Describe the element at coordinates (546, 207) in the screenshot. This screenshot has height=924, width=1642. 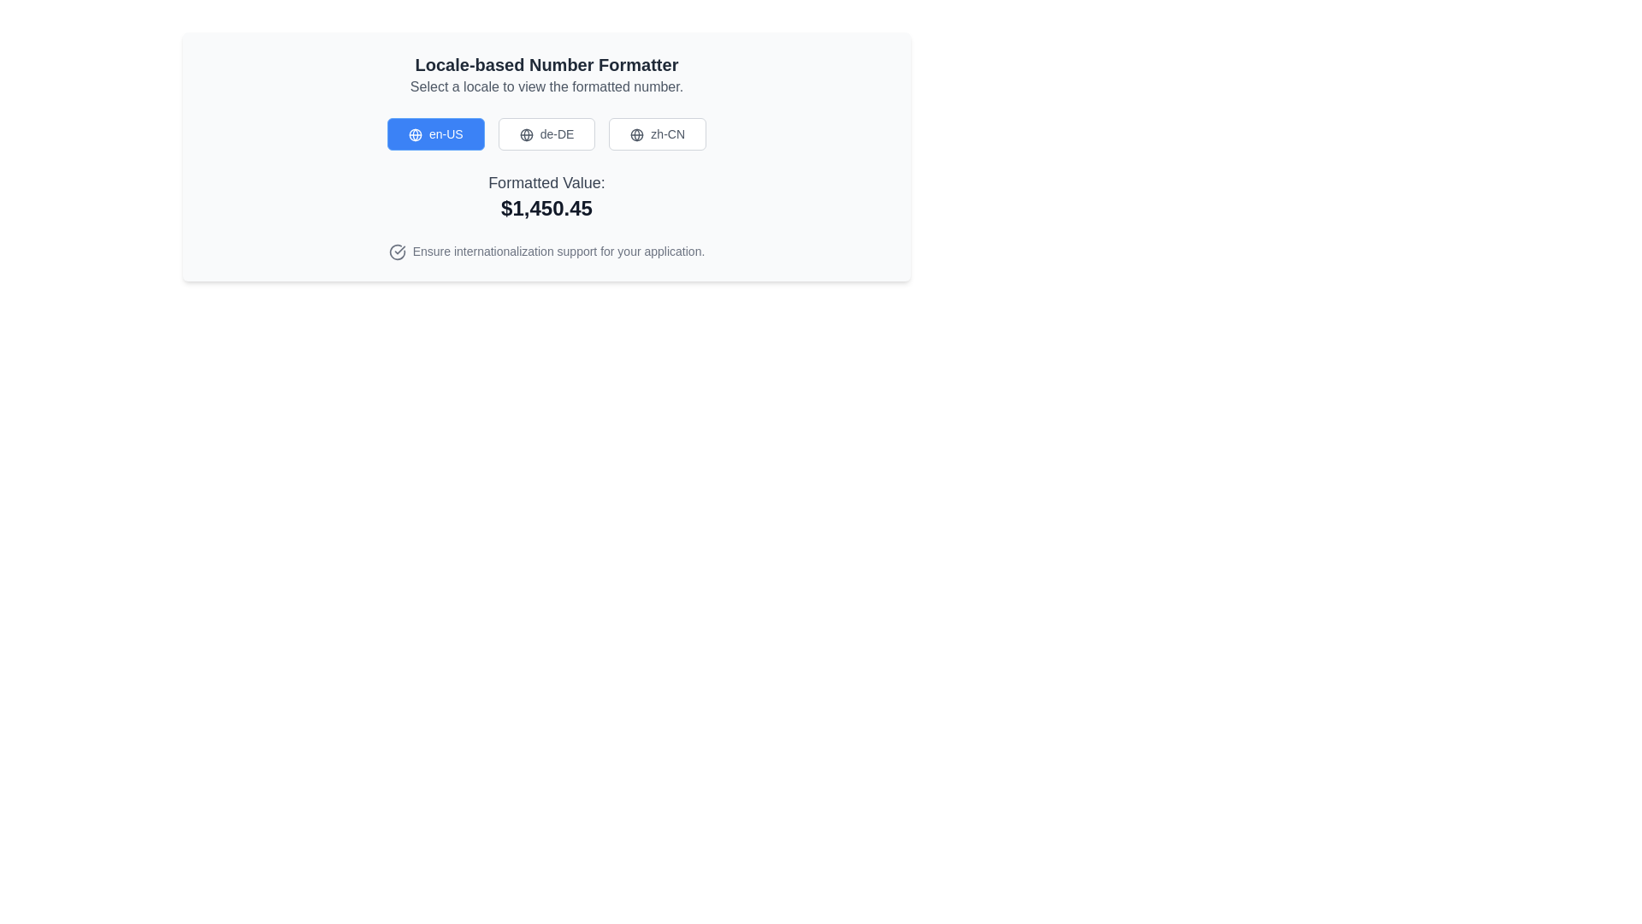
I see `the Text element displaying the monetary amount '$1,450.45', which is located directly below the text 'Formatted Value:' and is centered horizontally within the containing box` at that location.